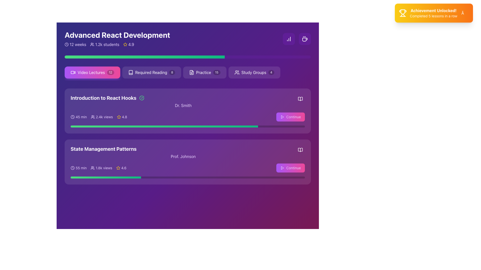 This screenshot has width=481, height=270. What do you see at coordinates (66, 44) in the screenshot?
I see `the main circular shape representing the clock's face, which has a solid outline and is located in the top-right corner of the interface` at bounding box center [66, 44].